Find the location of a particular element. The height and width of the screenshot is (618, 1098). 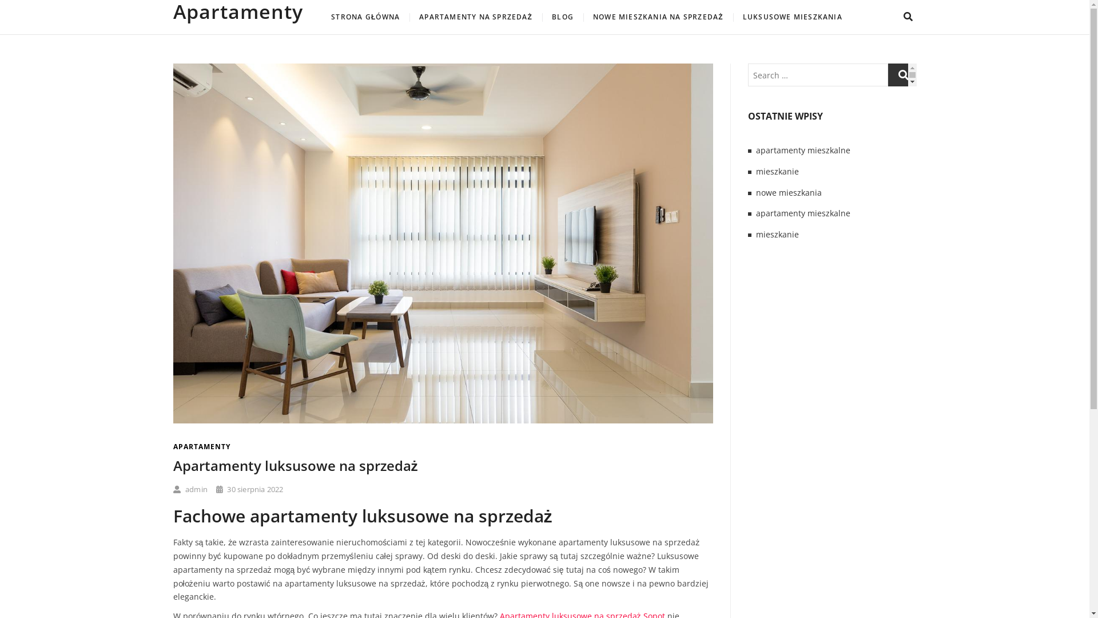

'Apartamenty' is located at coordinates (172, 11).